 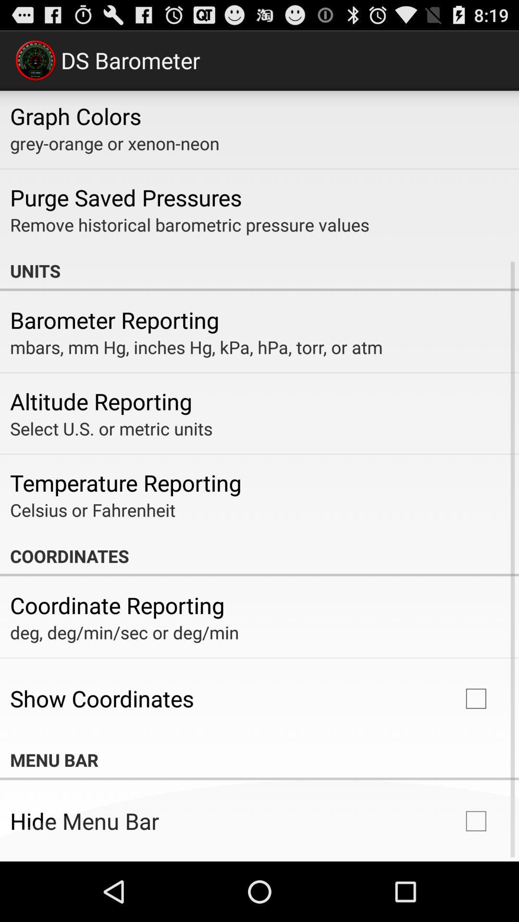 What do you see at coordinates (125, 197) in the screenshot?
I see `purge saved pressures item` at bounding box center [125, 197].